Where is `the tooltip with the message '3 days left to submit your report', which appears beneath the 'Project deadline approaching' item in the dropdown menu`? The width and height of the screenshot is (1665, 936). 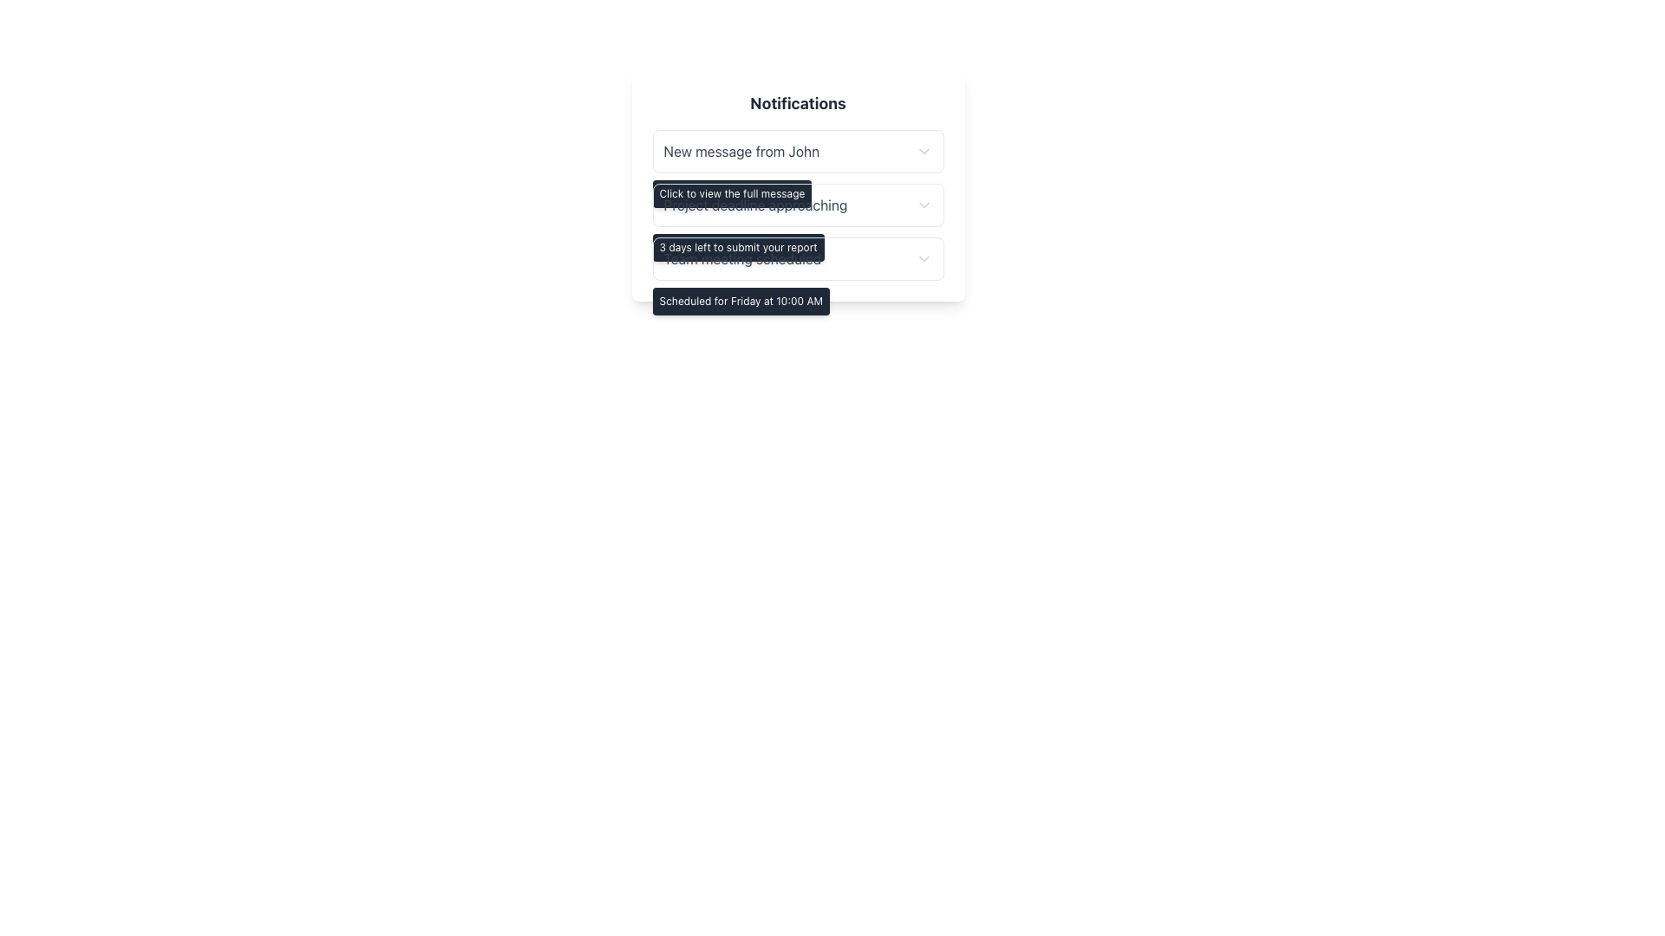 the tooltip with the message '3 days left to submit your report', which appears beneath the 'Project deadline approaching' item in the dropdown menu is located at coordinates (738, 247).